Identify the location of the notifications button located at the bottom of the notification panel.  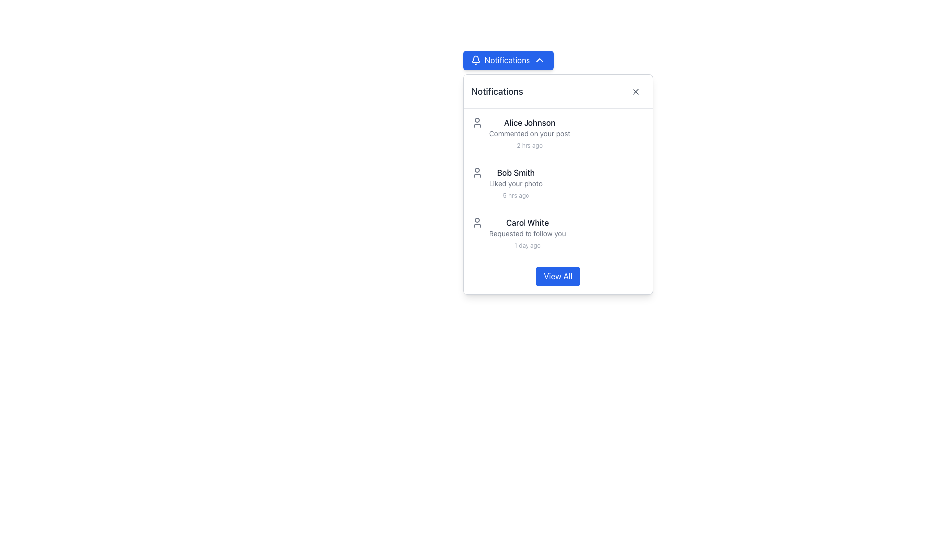
(558, 276).